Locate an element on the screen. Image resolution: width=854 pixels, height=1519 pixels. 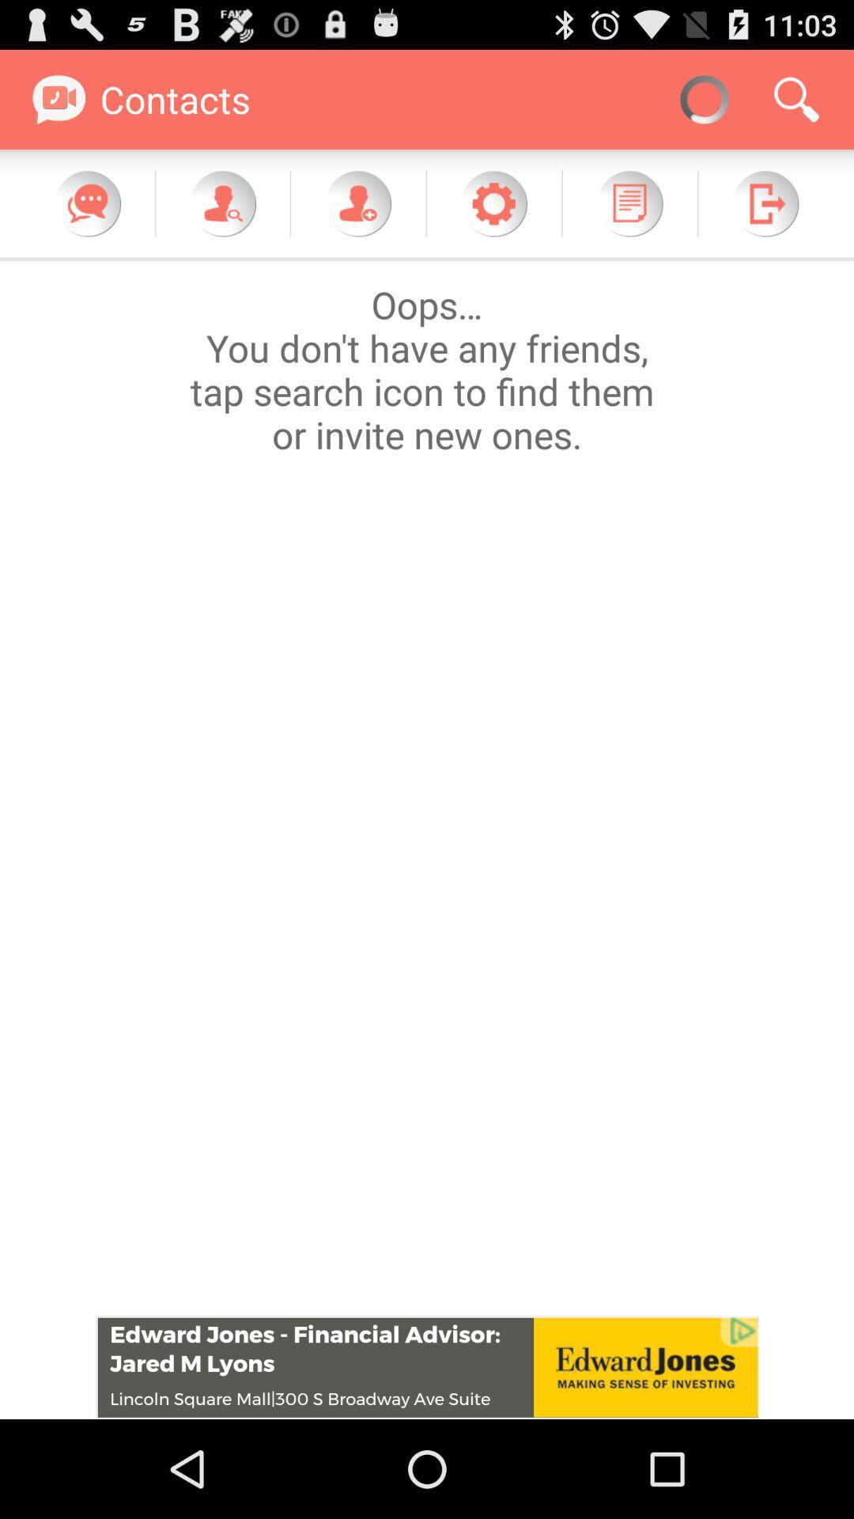
invite new friends is located at coordinates (357, 203).